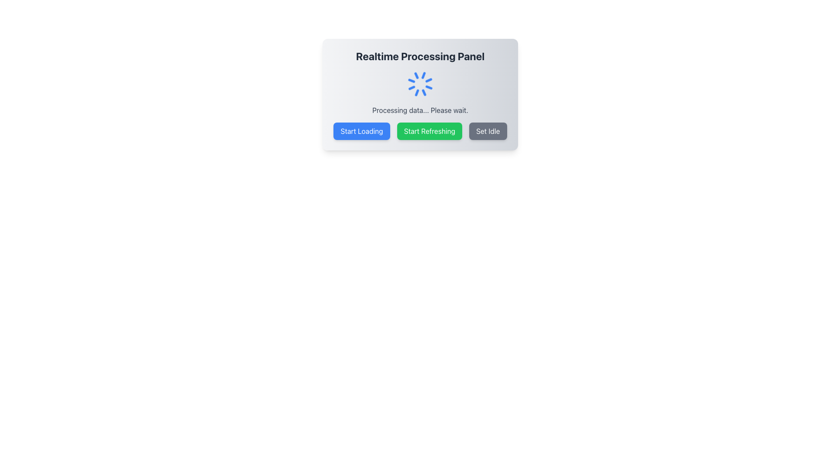 The image size is (838, 471). Describe the element at coordinates (420, 110) in the screenshot. I see `the text display that shows 'Processing data... Please wait.' which is styled in gray and is located below the spinning loader icon` at that location.